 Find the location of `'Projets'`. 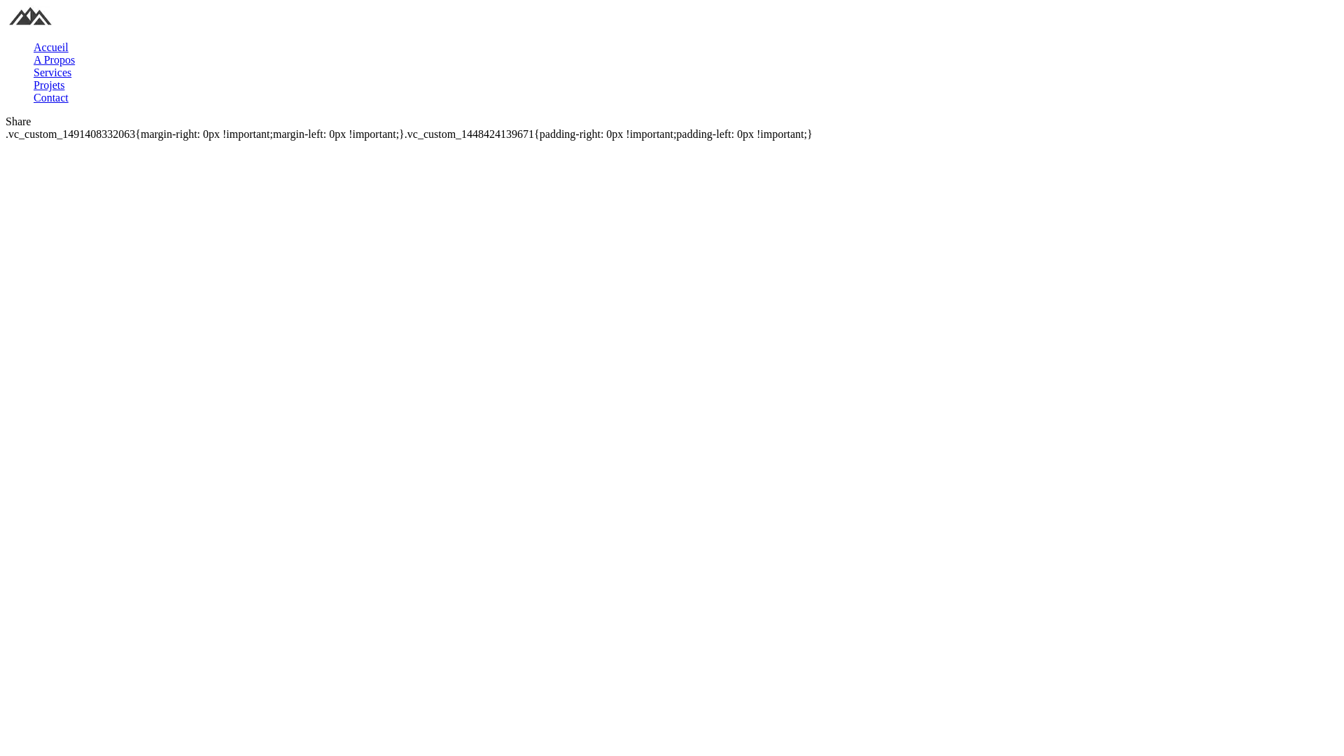

'Projets' is located at coordinates (49, 85).